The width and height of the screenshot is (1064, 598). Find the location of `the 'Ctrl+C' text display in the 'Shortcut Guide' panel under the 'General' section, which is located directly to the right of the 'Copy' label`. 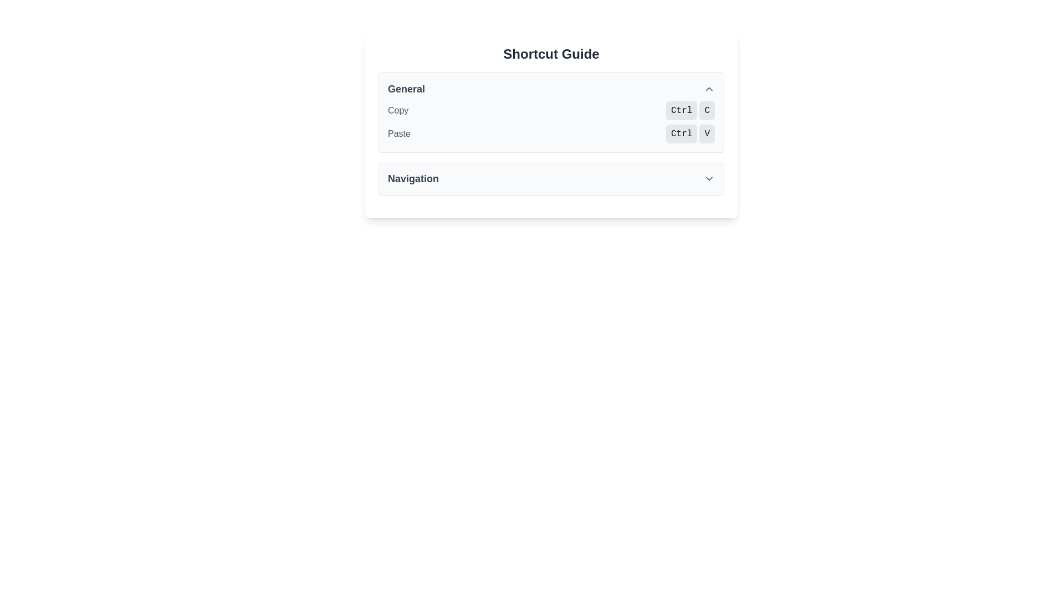

the 'Ctrl+C' text display in the 'Shortcut Guide' panel under the 'General' section, which is located directly to the right of the 'Copy' label is located at coordinates (690, 111).